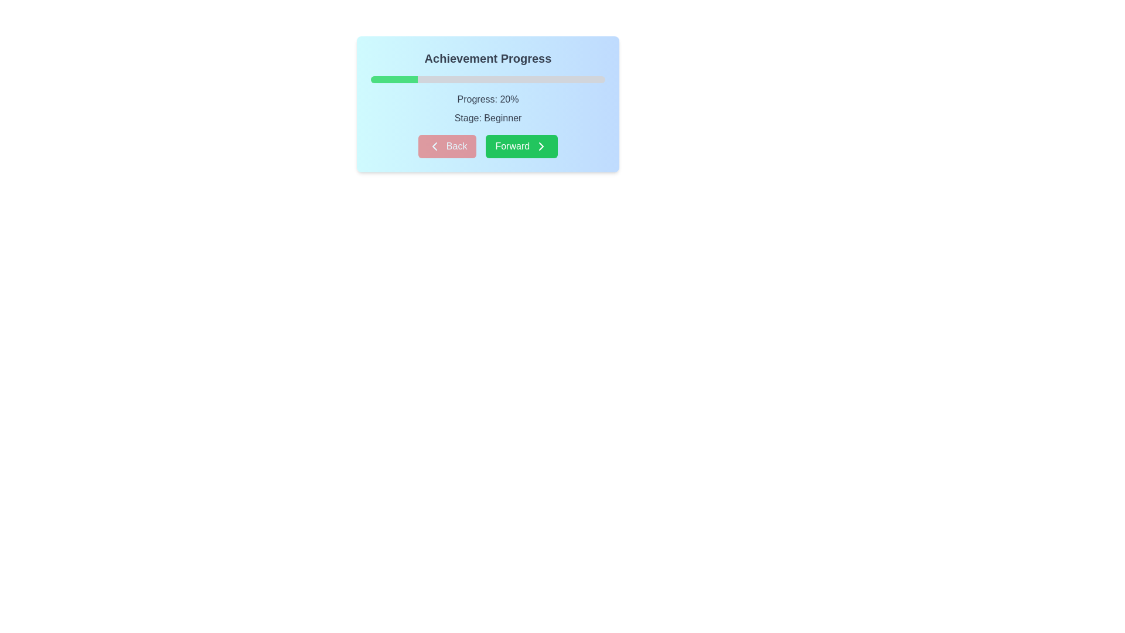 The height and width of the screenshot is (633, 1125). I want to click on the rightward-pointing chevron icon within the 'Forward' button, which indicates the next action in the user interface, so click(541, 146).